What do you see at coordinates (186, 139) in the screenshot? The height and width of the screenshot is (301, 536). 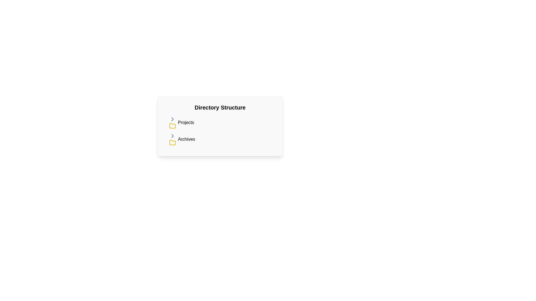 I see `the text label for the 'Archives' directory` at bounding box center [186, 139].